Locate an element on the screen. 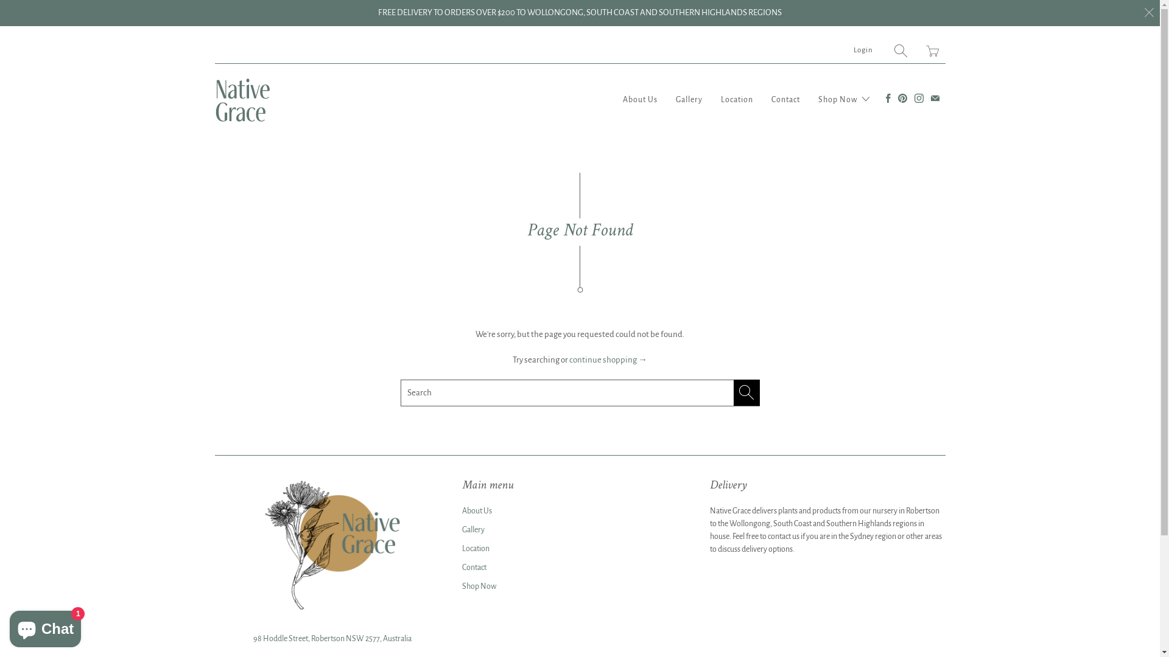 This screenshot has height=657, width=1169. 'Native Grace on Facebook' is located at coordinates (888, 97).